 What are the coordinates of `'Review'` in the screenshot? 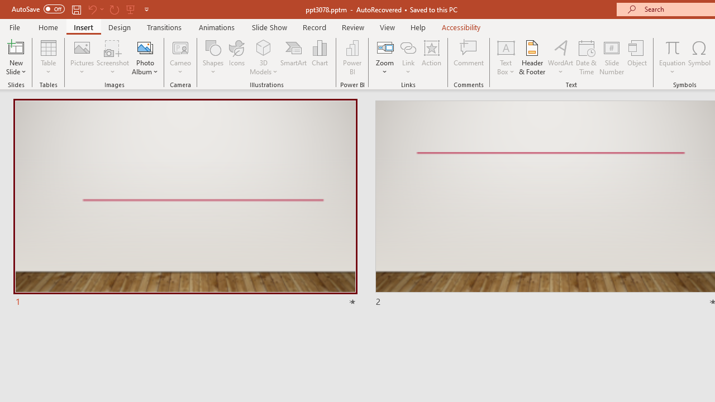 It's located at (352, 27).